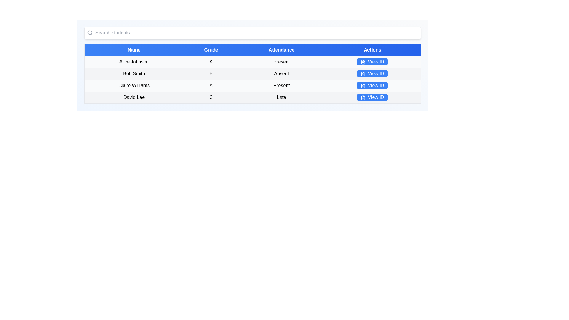  I want to click on the static text field displaying 'Absent' under the 'Attendance' column for 'Bob Smith' in the table, so click(281, 73).